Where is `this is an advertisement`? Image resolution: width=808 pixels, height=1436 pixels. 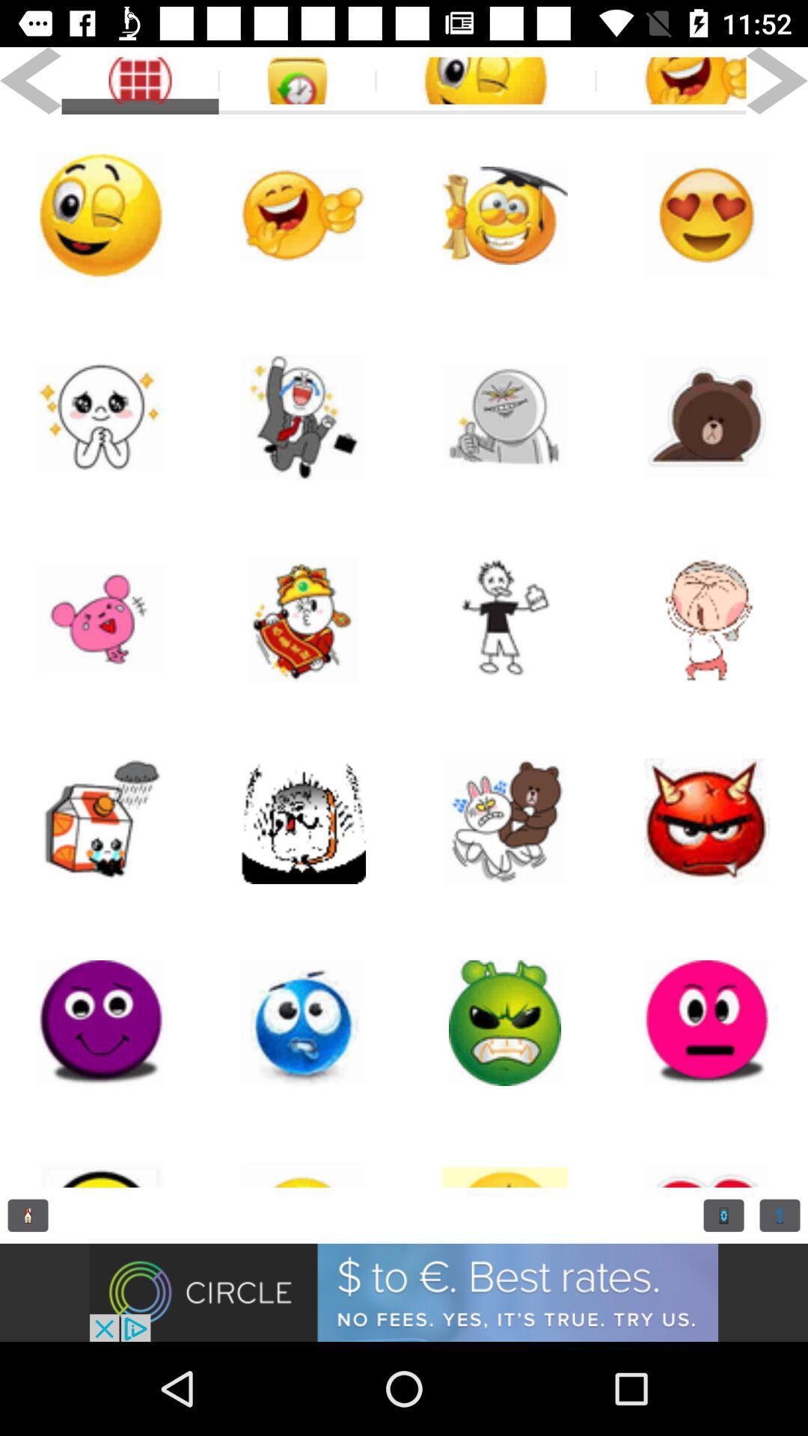 this is an advertisement is located at coordinates (404, 1292).